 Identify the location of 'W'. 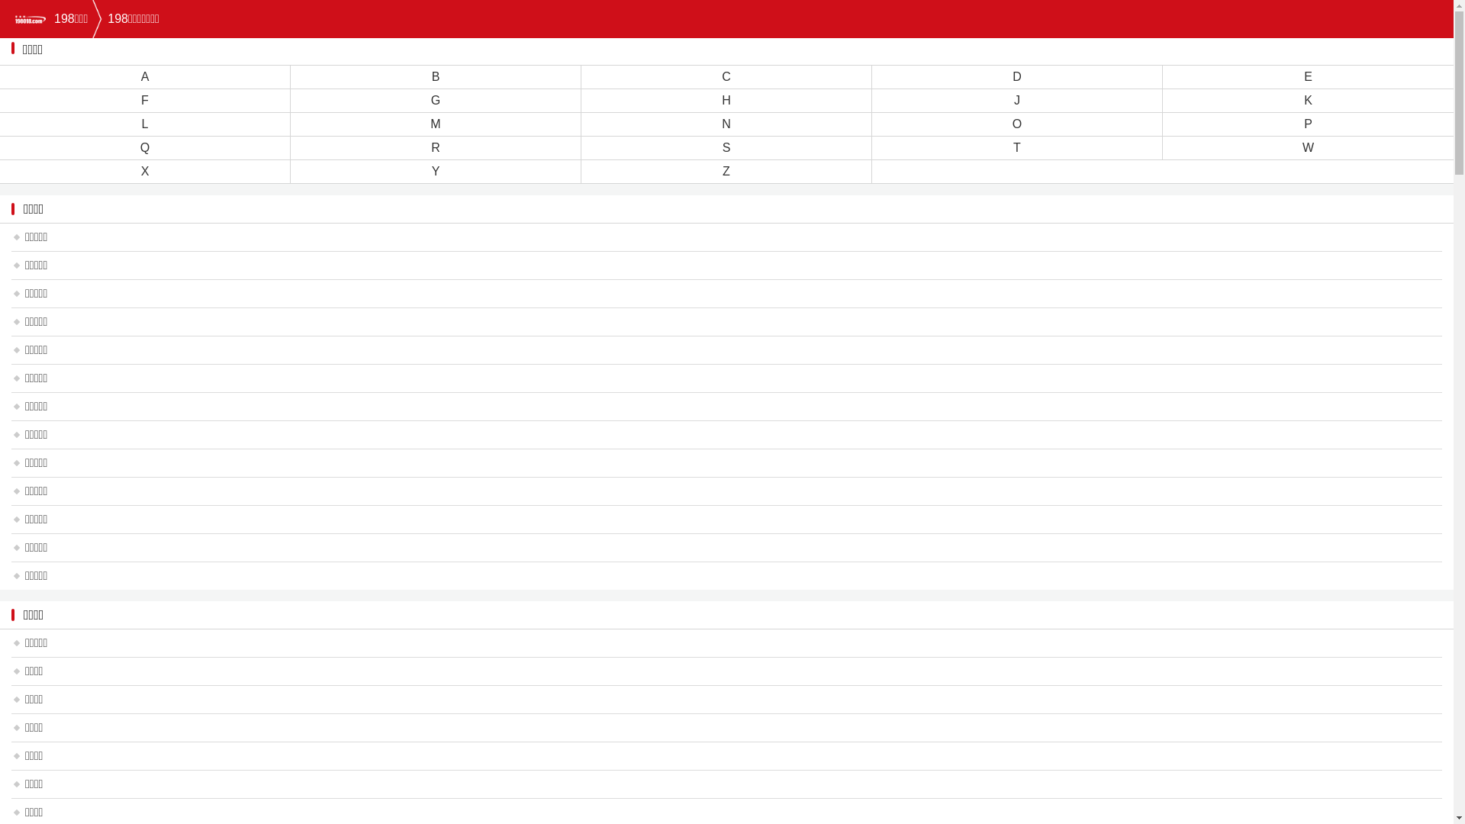
(1307, 147).